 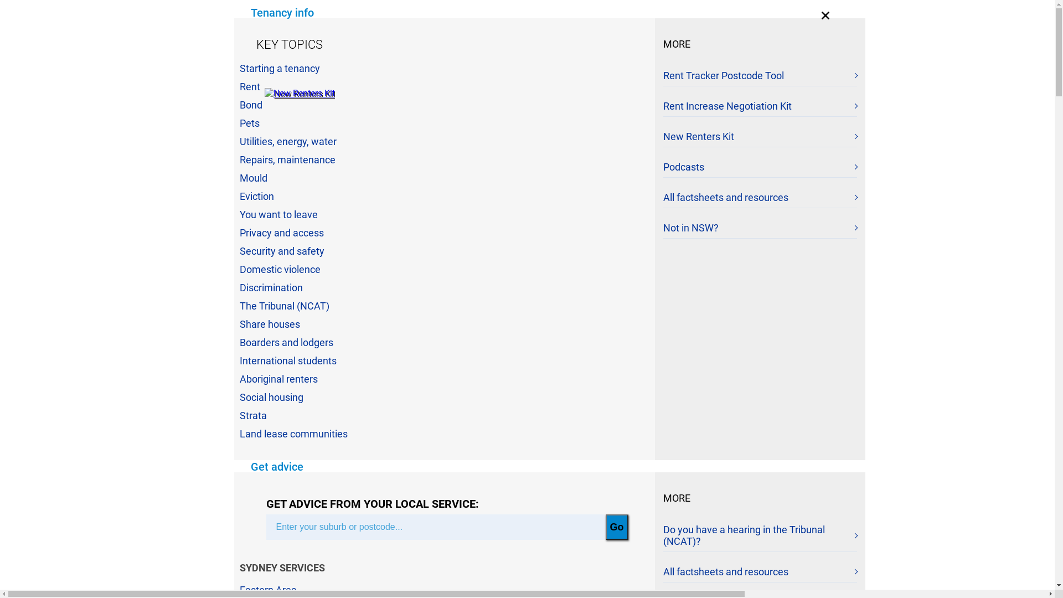 I want to click on 'Eastern Area', so click(x=239, y=589).